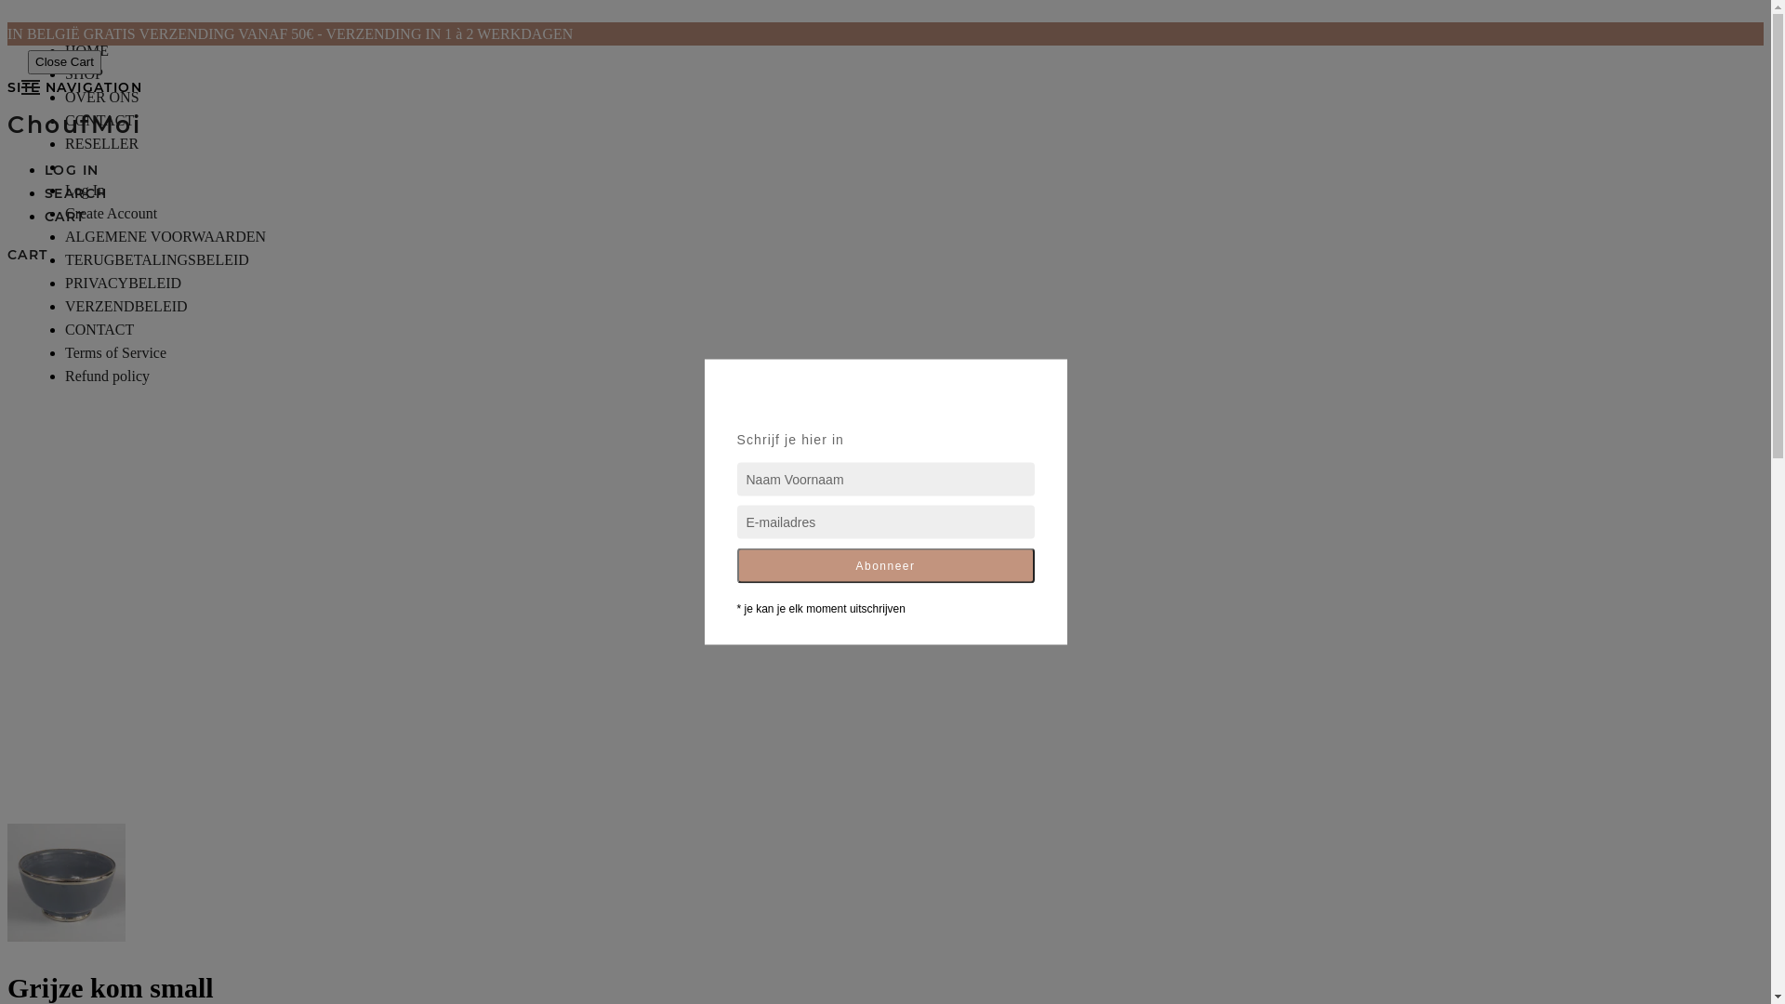 This screenshot has width=1785, height=1004. What do you see at coordinates (122, 283) in the screenshot?
I see `'PRIVACYBELEID'` at bounding box center [122, 283].